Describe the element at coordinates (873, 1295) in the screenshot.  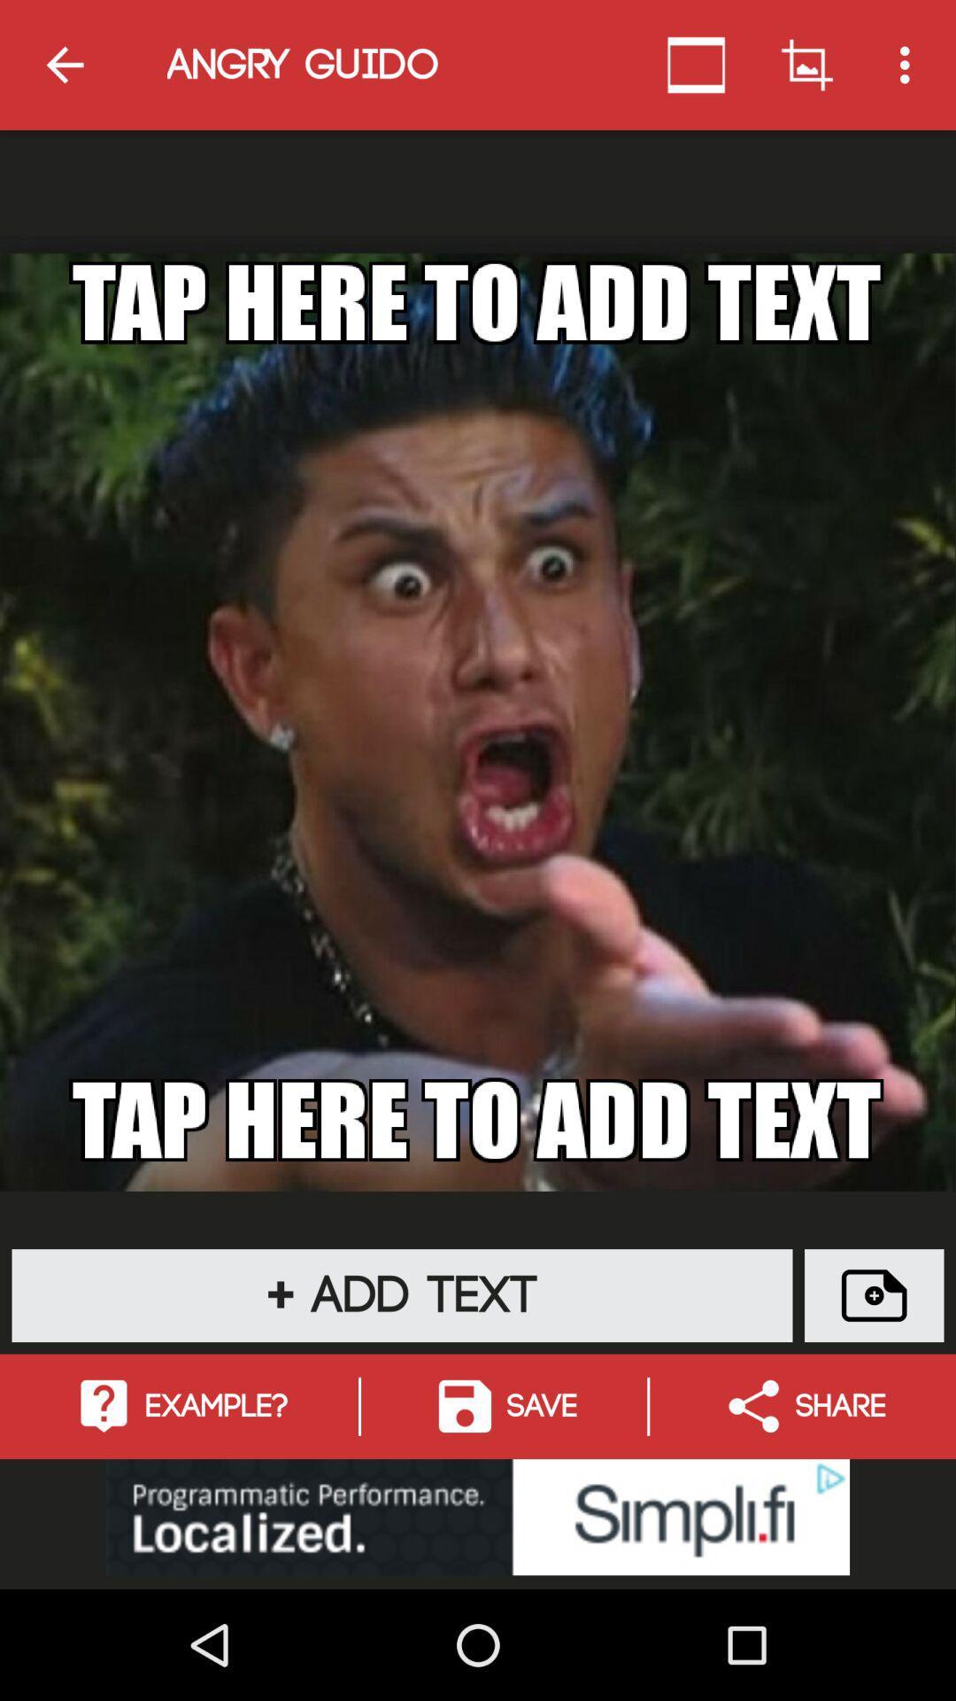
I see `open text option` at that location.